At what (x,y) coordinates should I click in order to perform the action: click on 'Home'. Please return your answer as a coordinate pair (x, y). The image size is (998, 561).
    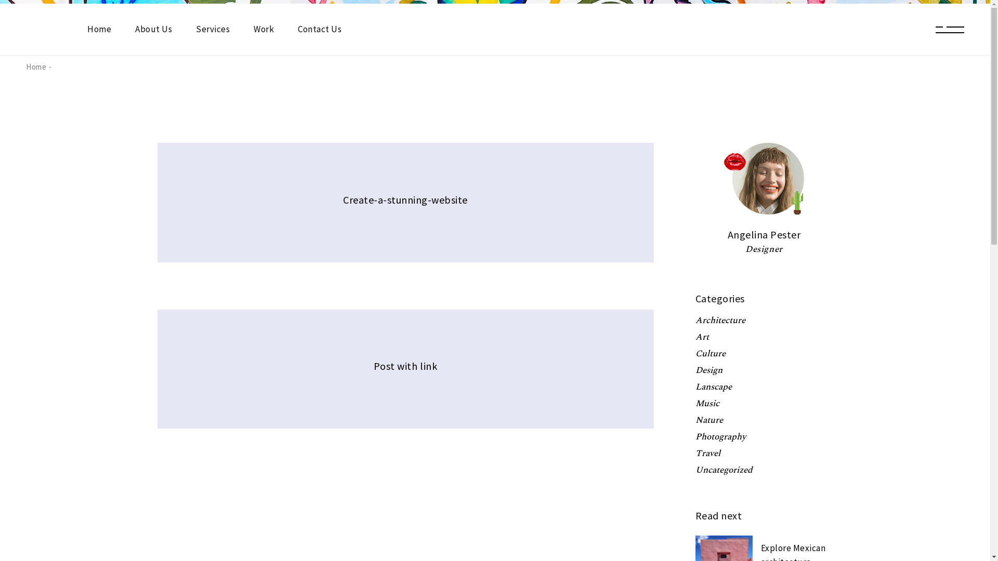
    Looking at the image, I should click on (99, 29).